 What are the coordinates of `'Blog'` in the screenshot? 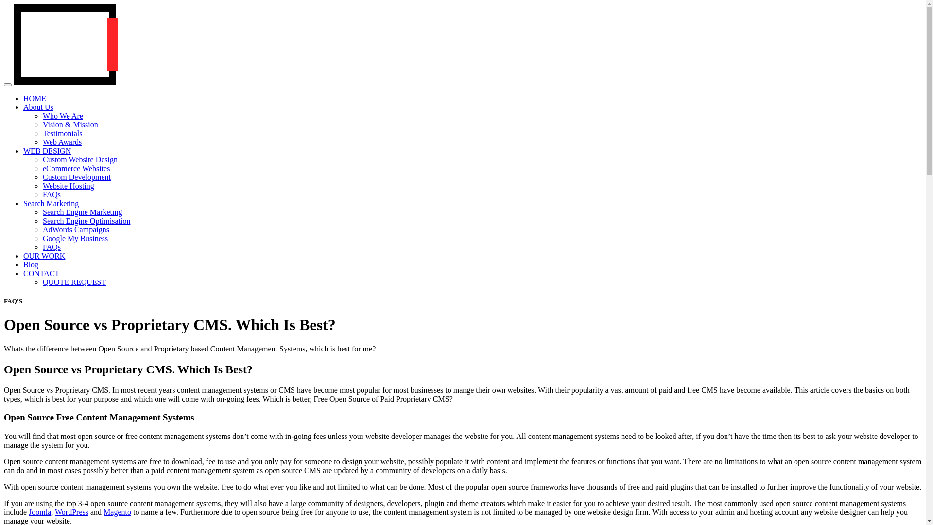 It's located at (31, 264).